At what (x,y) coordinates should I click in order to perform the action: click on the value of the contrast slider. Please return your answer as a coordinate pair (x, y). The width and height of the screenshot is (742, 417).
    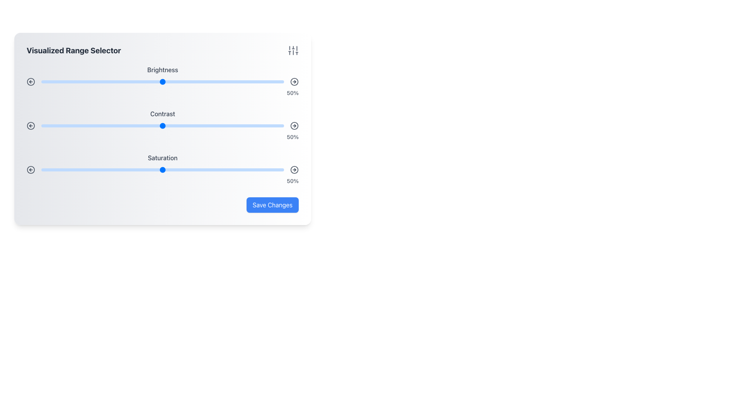
    Looking at the image, I should click on (194, 125).